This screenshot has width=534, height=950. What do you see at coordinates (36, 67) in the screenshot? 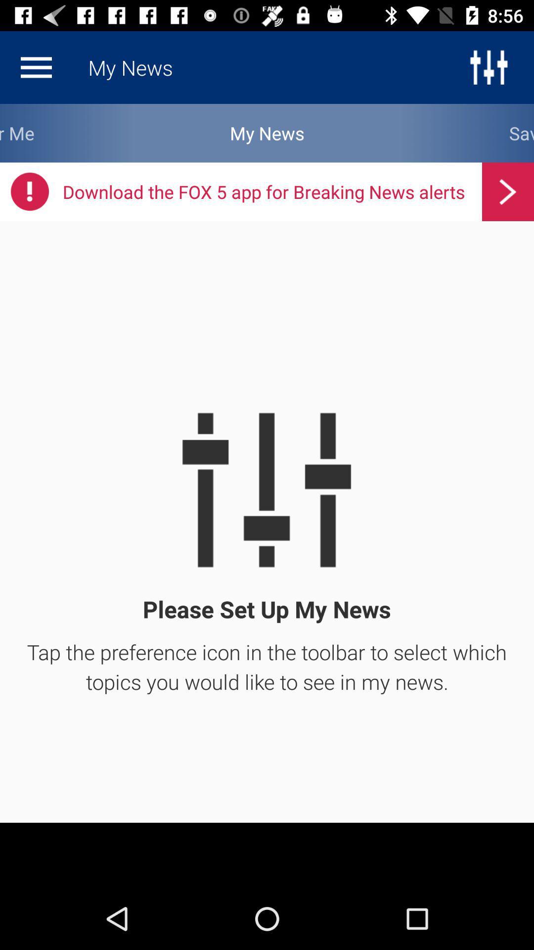
I see `the menu icon` at bounding box center [36, 67].